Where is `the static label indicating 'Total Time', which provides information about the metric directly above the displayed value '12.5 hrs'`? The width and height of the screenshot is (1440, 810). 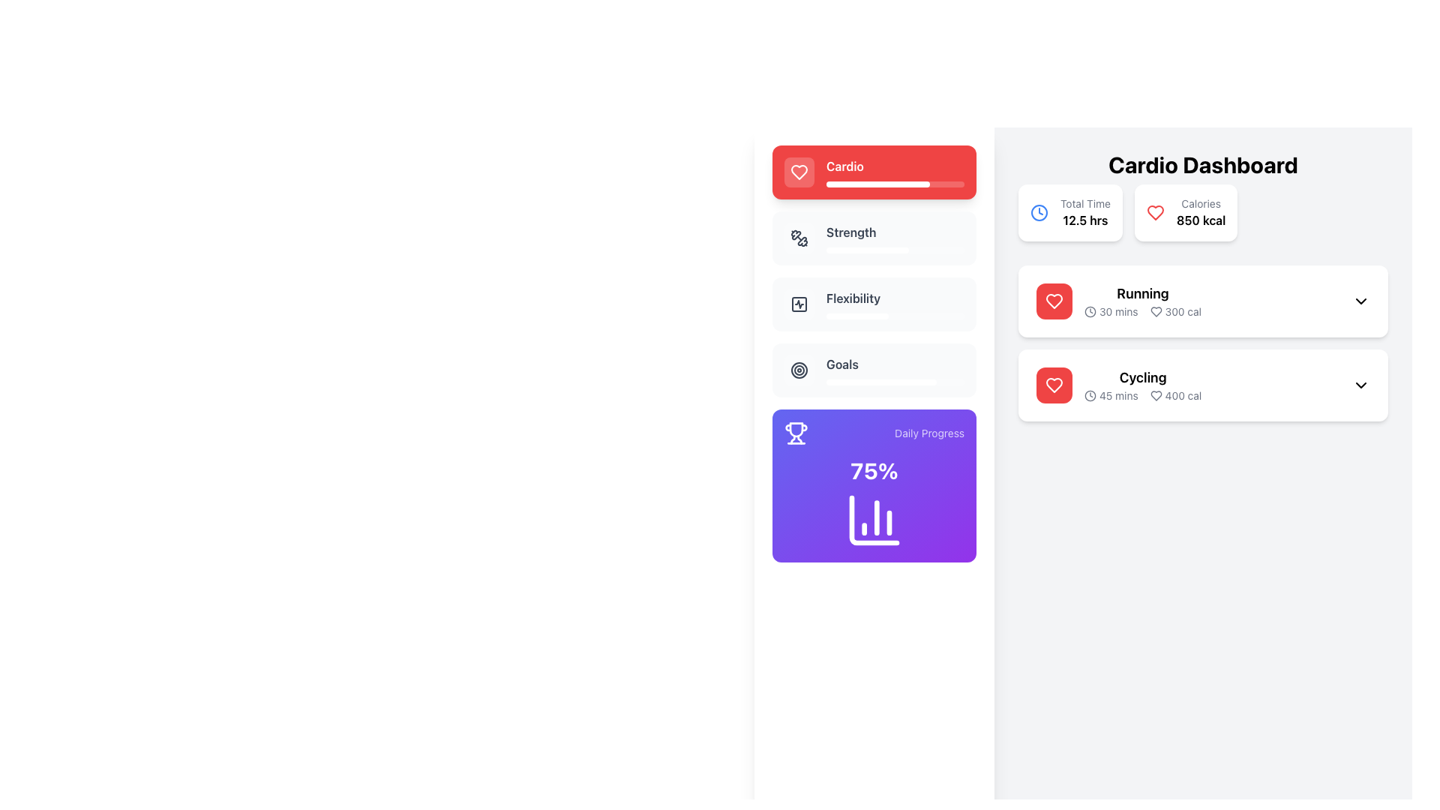 the static label indicating 'Total Time', which provides information about the metric directly above the displayed value '12.5 hrs' is located at coordinates (1085, 204).